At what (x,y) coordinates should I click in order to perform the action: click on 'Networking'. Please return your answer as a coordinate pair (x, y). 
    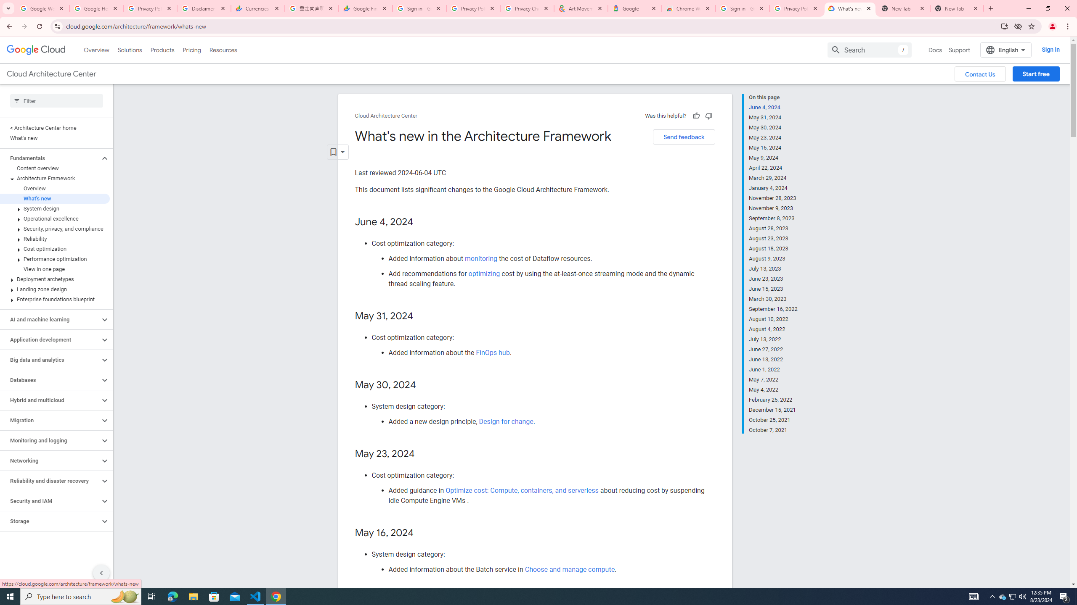
    Looking at the image, I should click on (50, 460).